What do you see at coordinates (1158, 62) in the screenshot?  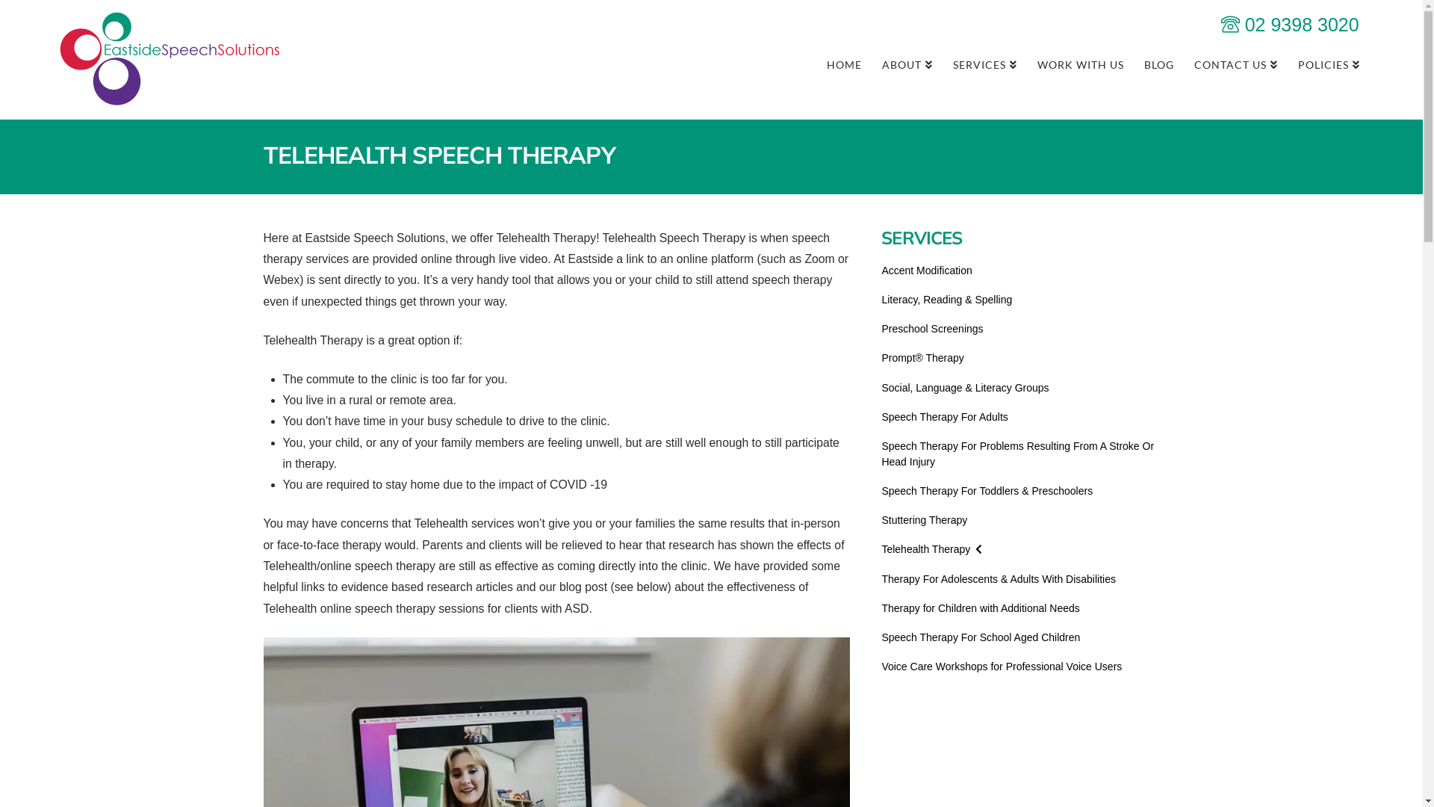 I see `'BLOG'` at bounding box center [1158, 62].